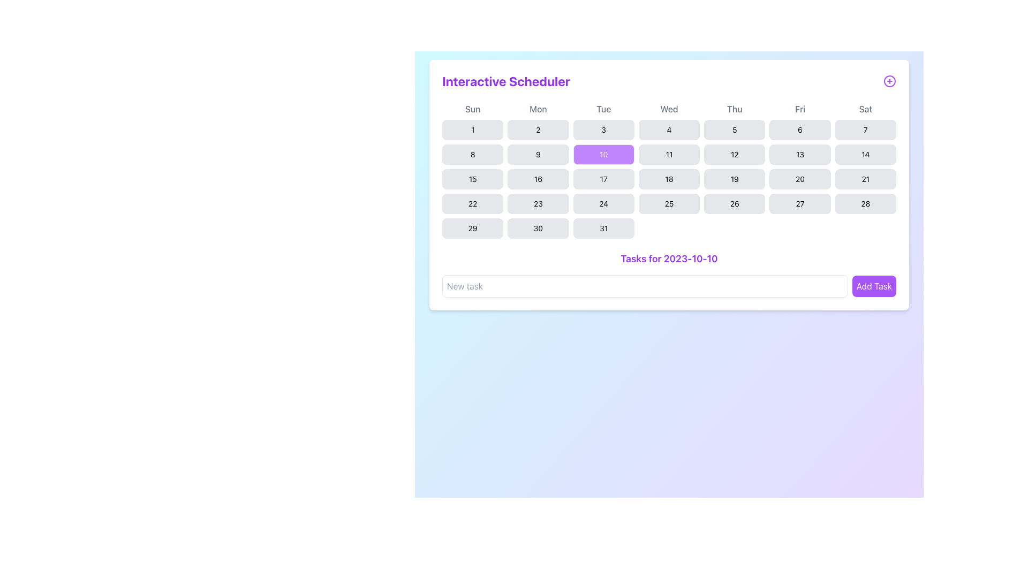  Describe the element at coordinates (472, 155) in the screenshot. I see `the button representing the 8th day of the month located in the second row and first column of the week grid below the 'Sun' header` at that location.